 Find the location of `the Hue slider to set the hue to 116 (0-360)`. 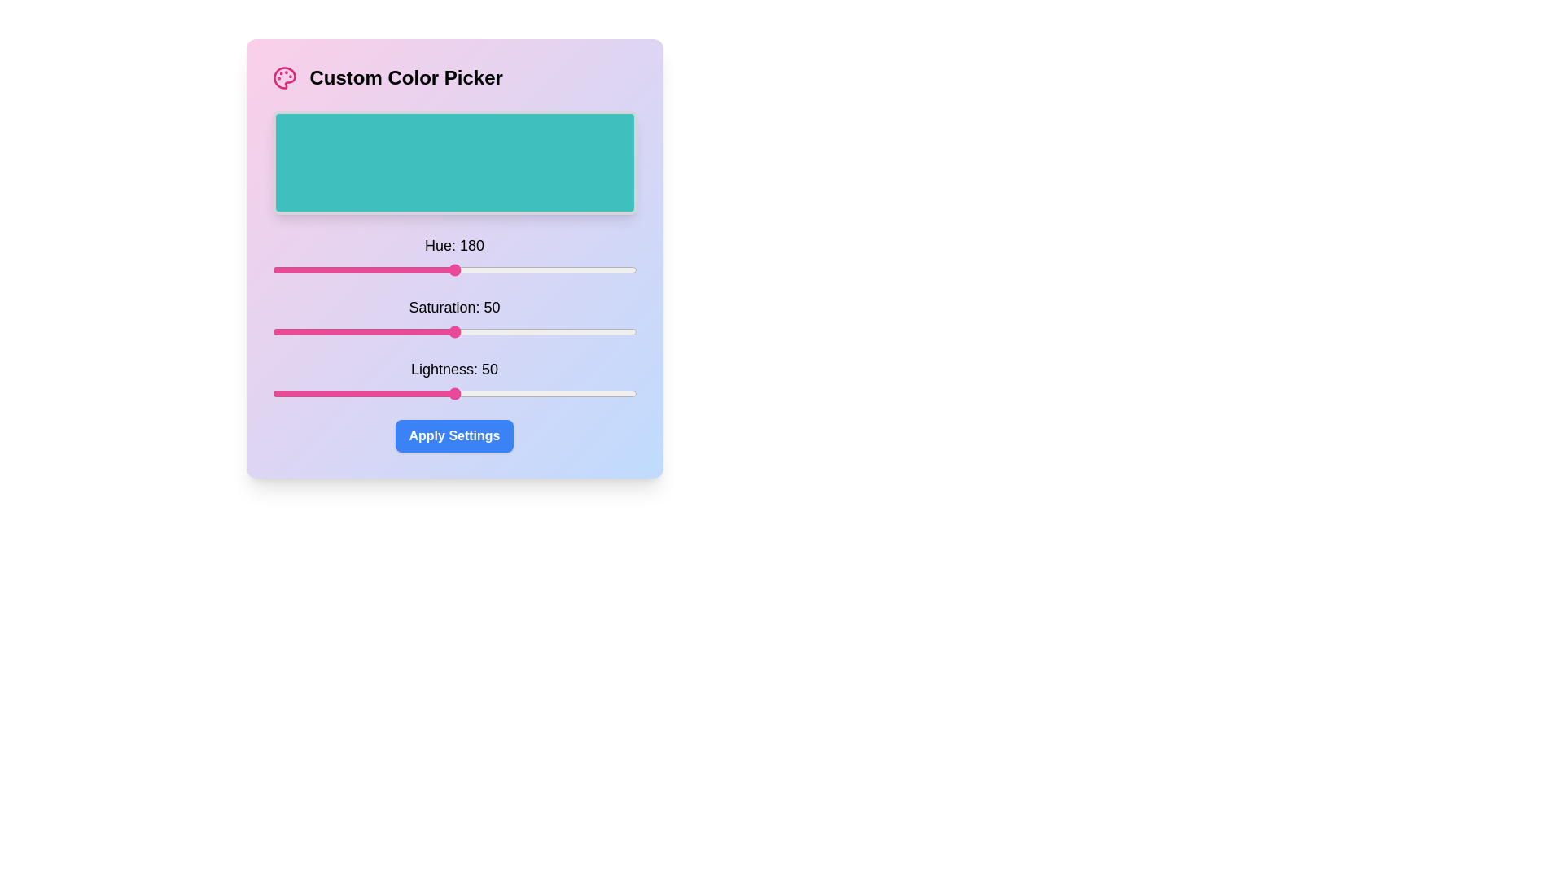

the Hue slider to set the hue to 116 (0-360) is located at coordinates (388, 269).